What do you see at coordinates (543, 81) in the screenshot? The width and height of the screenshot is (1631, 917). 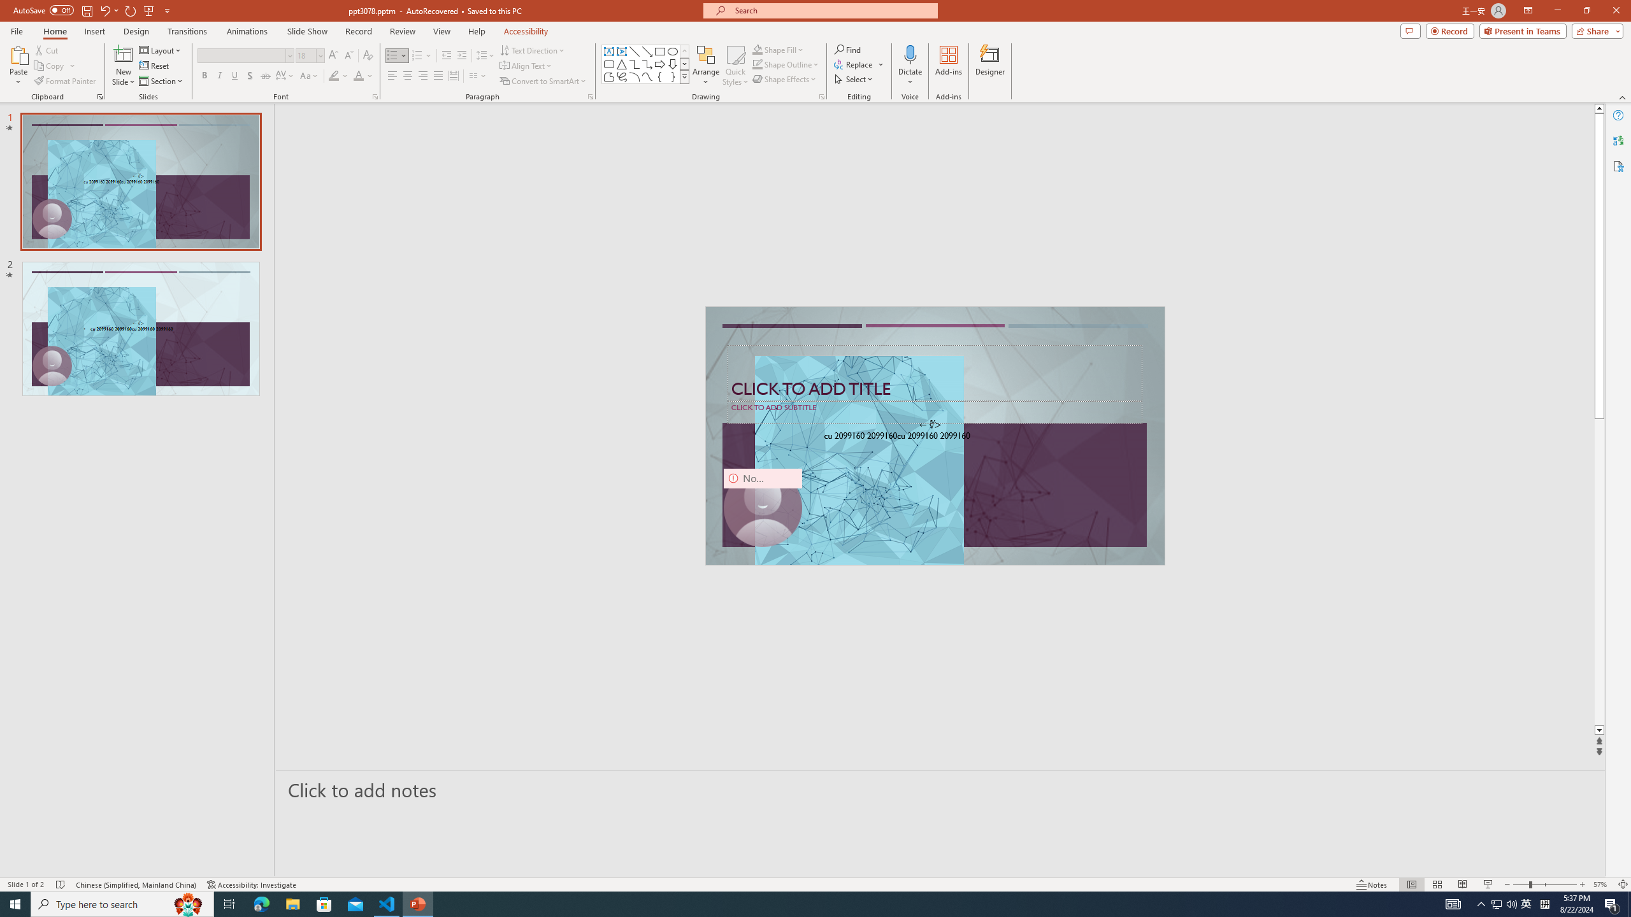 I see `'Convert to SmartArt'` at bounding box center [543, 81].